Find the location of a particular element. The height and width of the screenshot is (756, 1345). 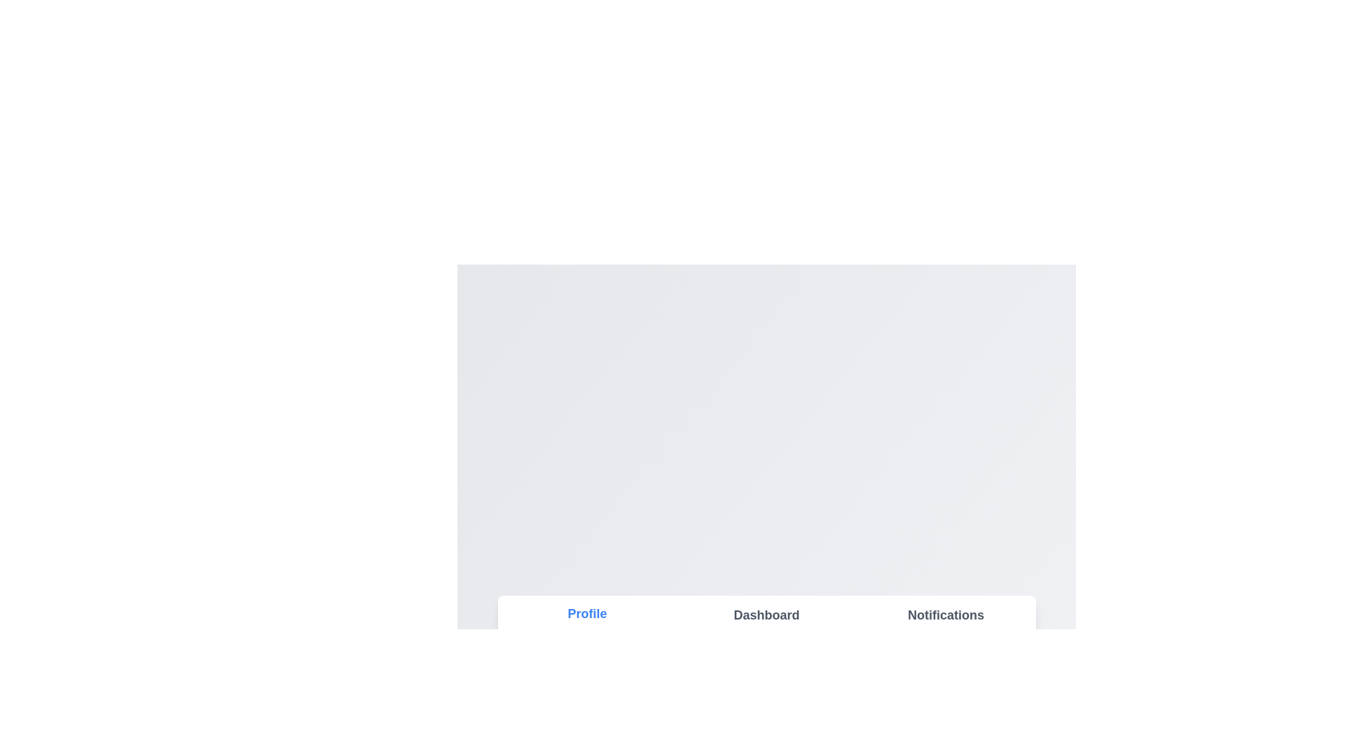

the tab titled Dashboard to switch to it is located at coordinates (766, 615).